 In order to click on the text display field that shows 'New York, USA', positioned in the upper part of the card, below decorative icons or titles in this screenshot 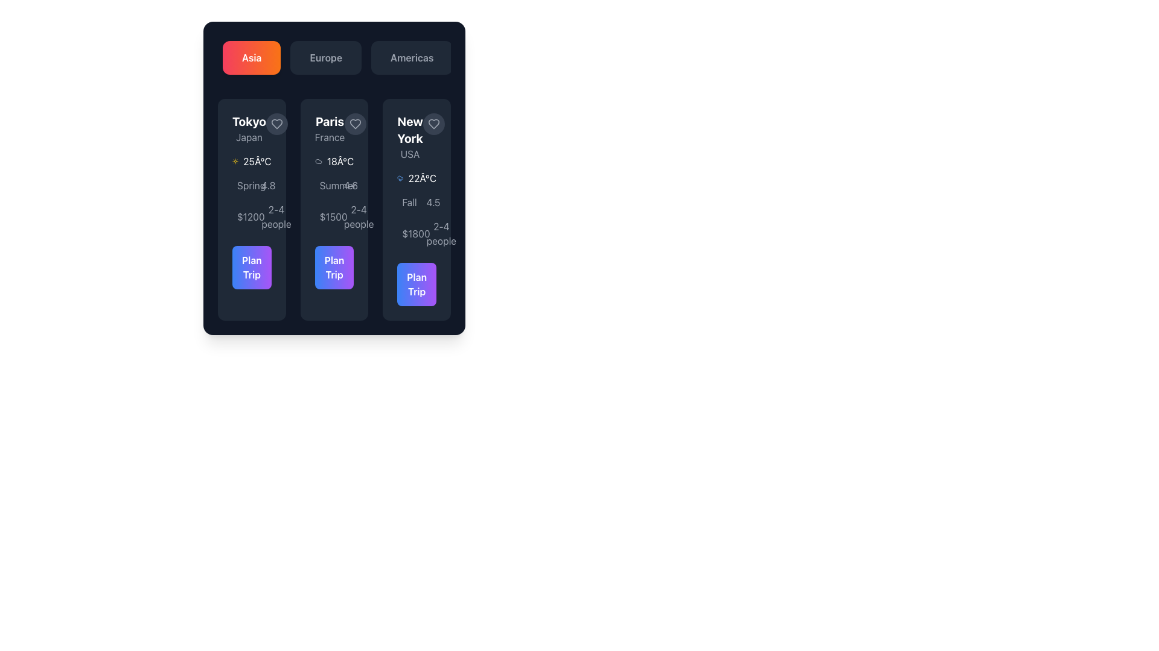, I will do `click(410, 136)`.